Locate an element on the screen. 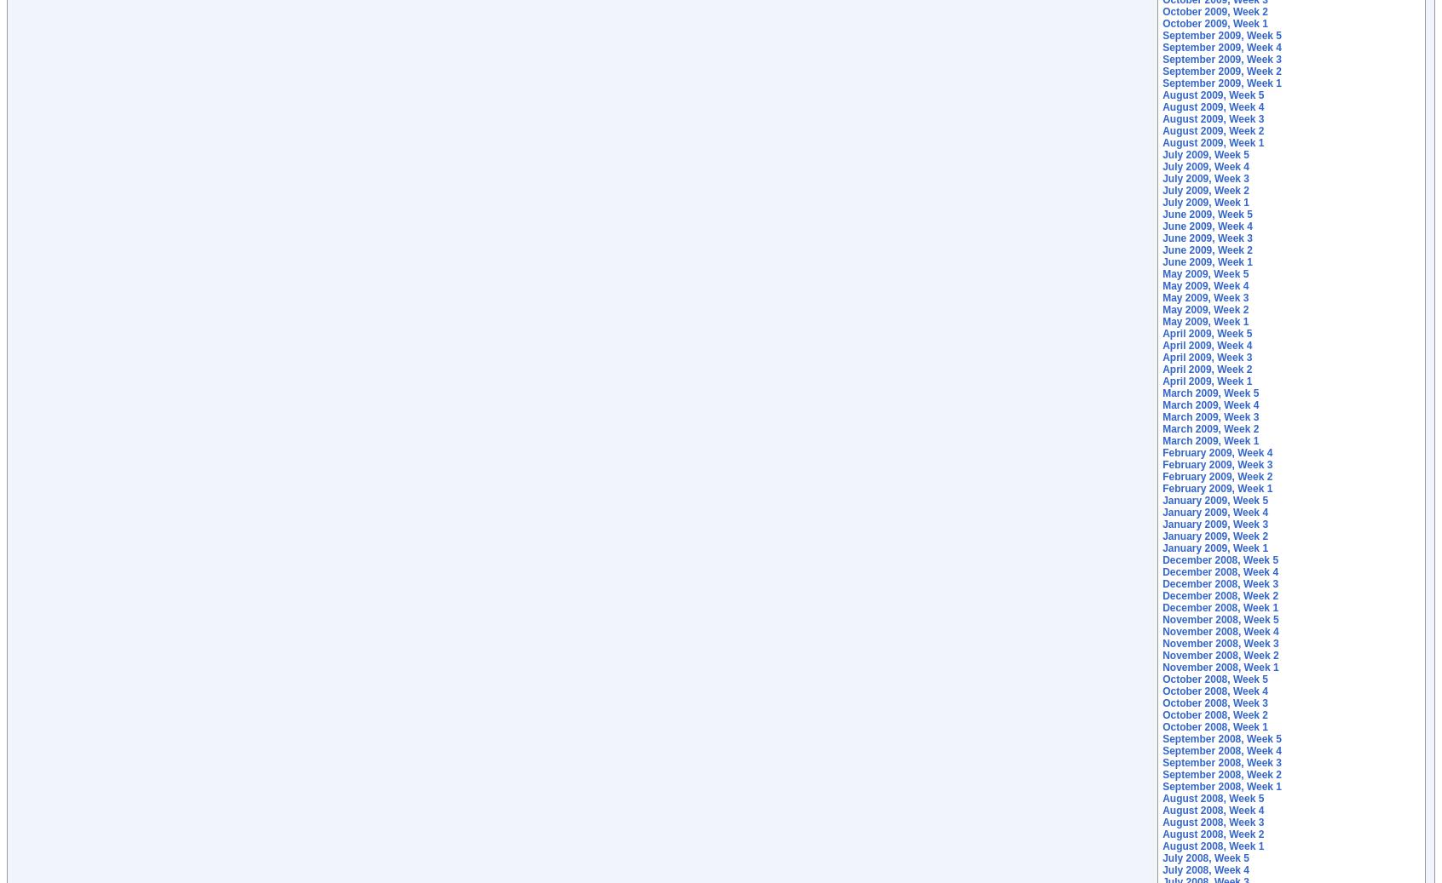 The width and height of the screenshot is (1442, 883). 'August 2008, Week 2' is located at coordinates (1212, 834).